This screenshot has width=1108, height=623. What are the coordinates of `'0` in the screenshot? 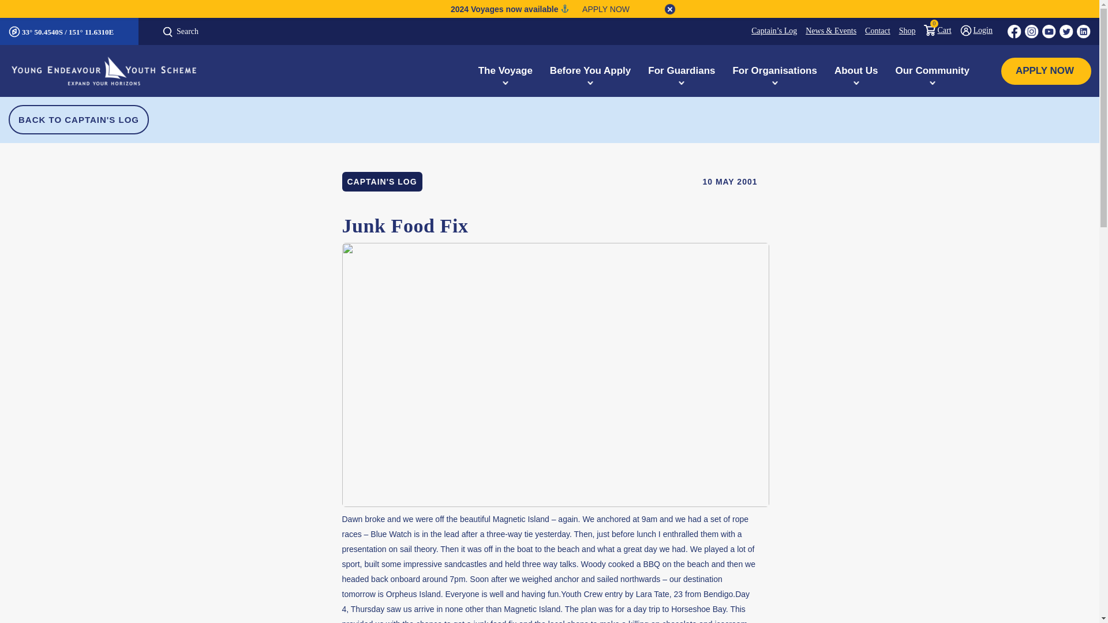 It's located at (933, 29).